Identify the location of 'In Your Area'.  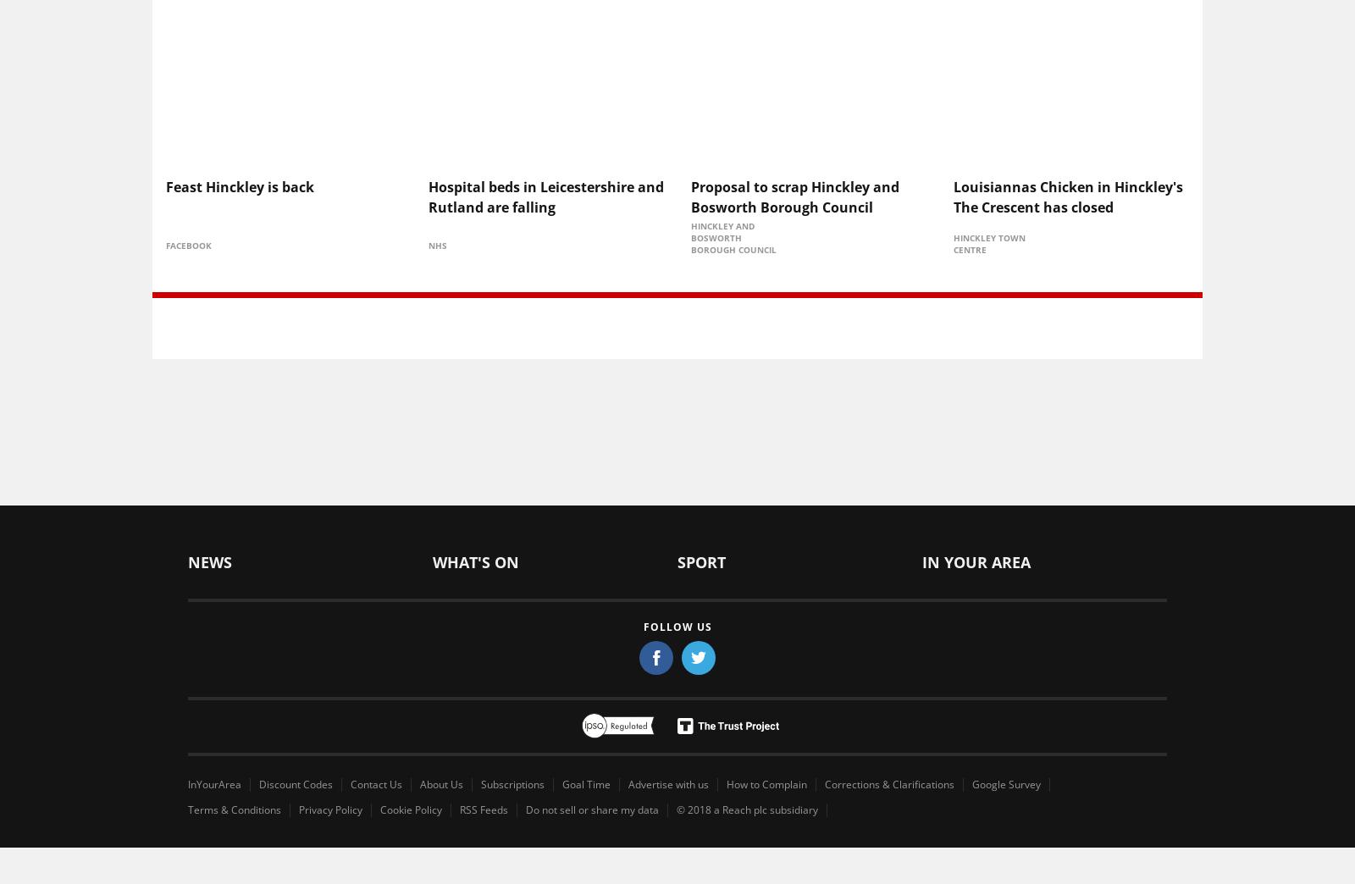
(976, 561).